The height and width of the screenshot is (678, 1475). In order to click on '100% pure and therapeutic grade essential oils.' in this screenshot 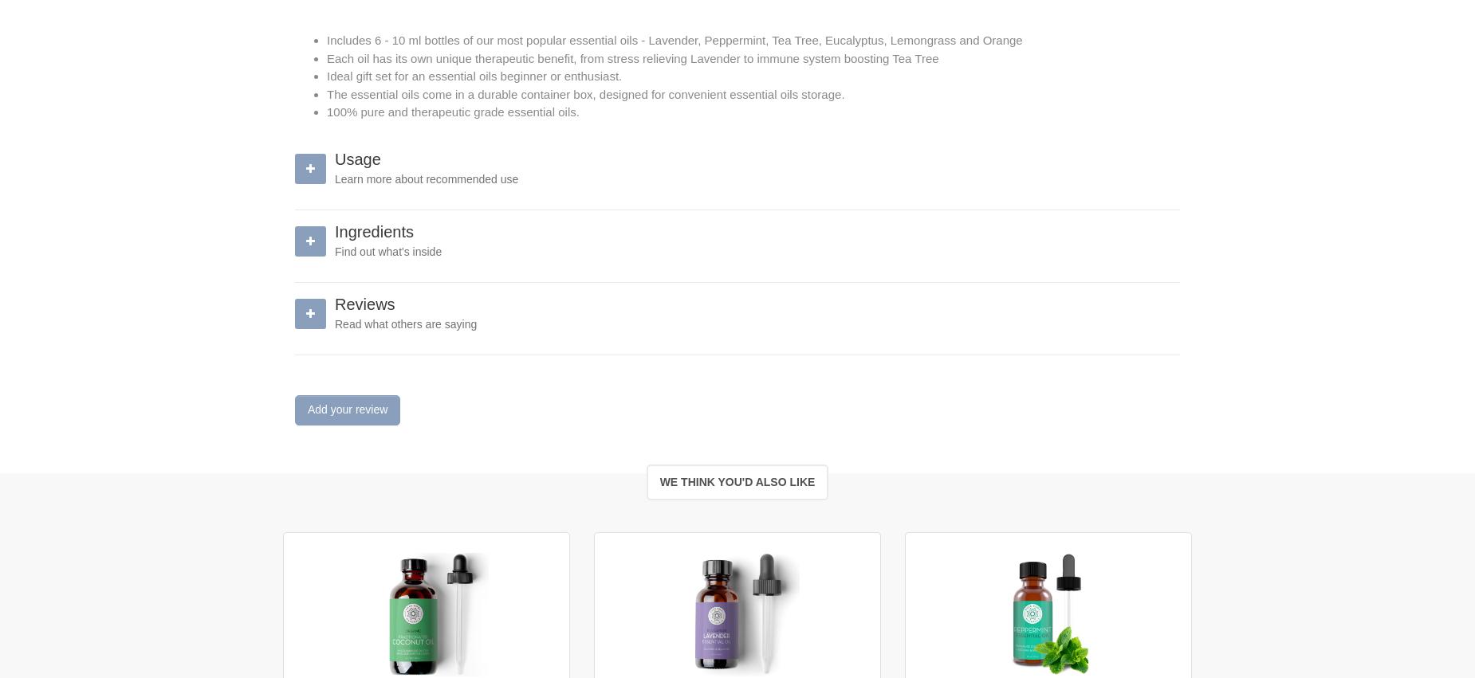, I will do `click(452, 112)`.